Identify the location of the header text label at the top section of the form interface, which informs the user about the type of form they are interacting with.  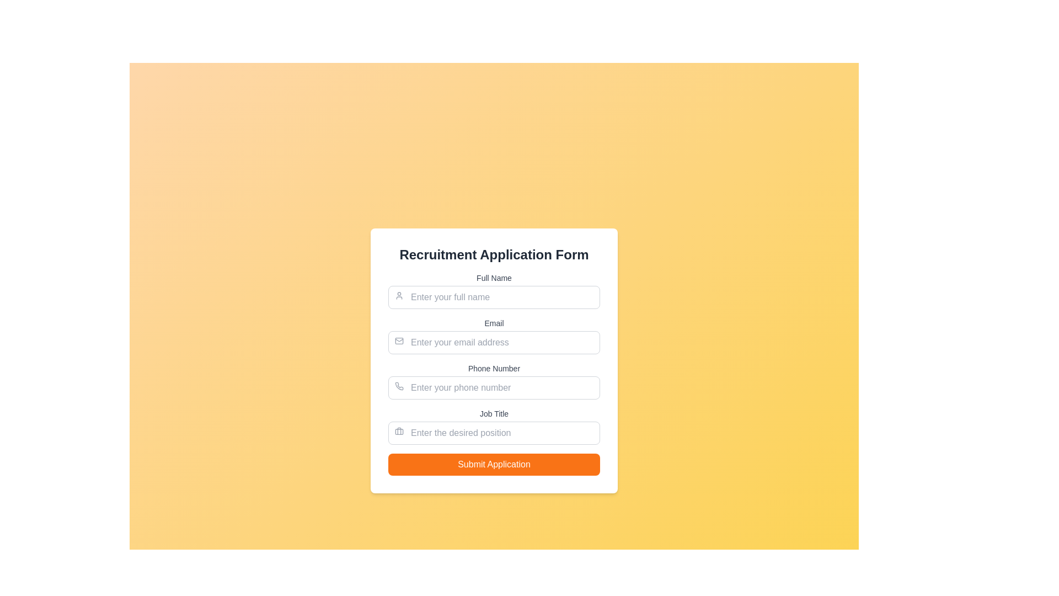
(494, 255).